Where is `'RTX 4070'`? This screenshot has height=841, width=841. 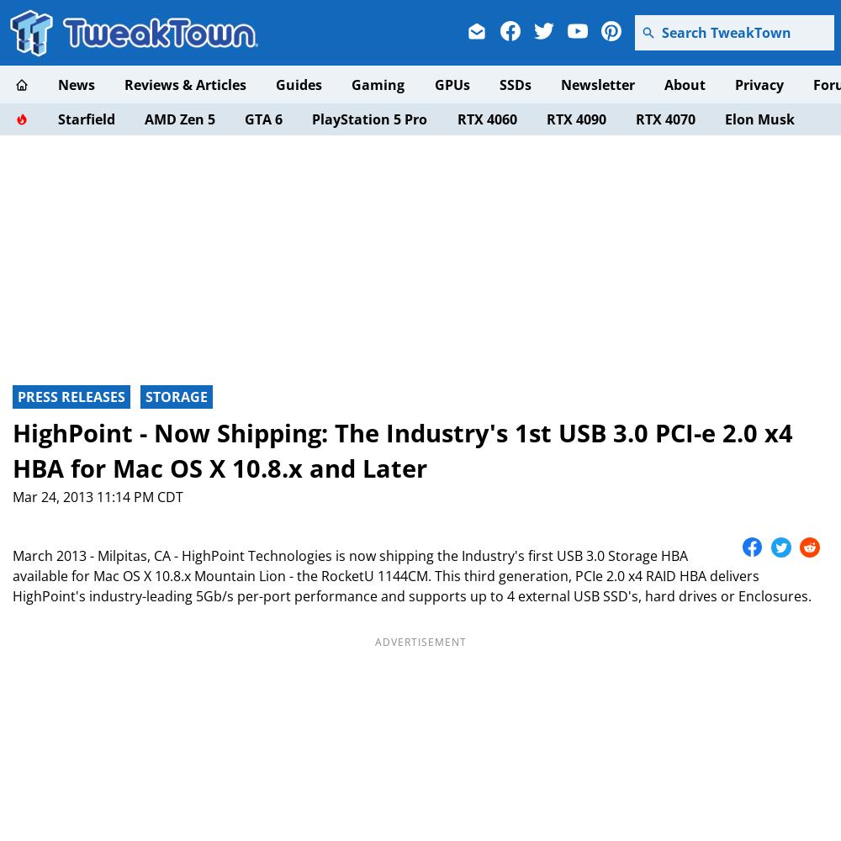 'RTX 4070' is located at coordinates (664, 119).